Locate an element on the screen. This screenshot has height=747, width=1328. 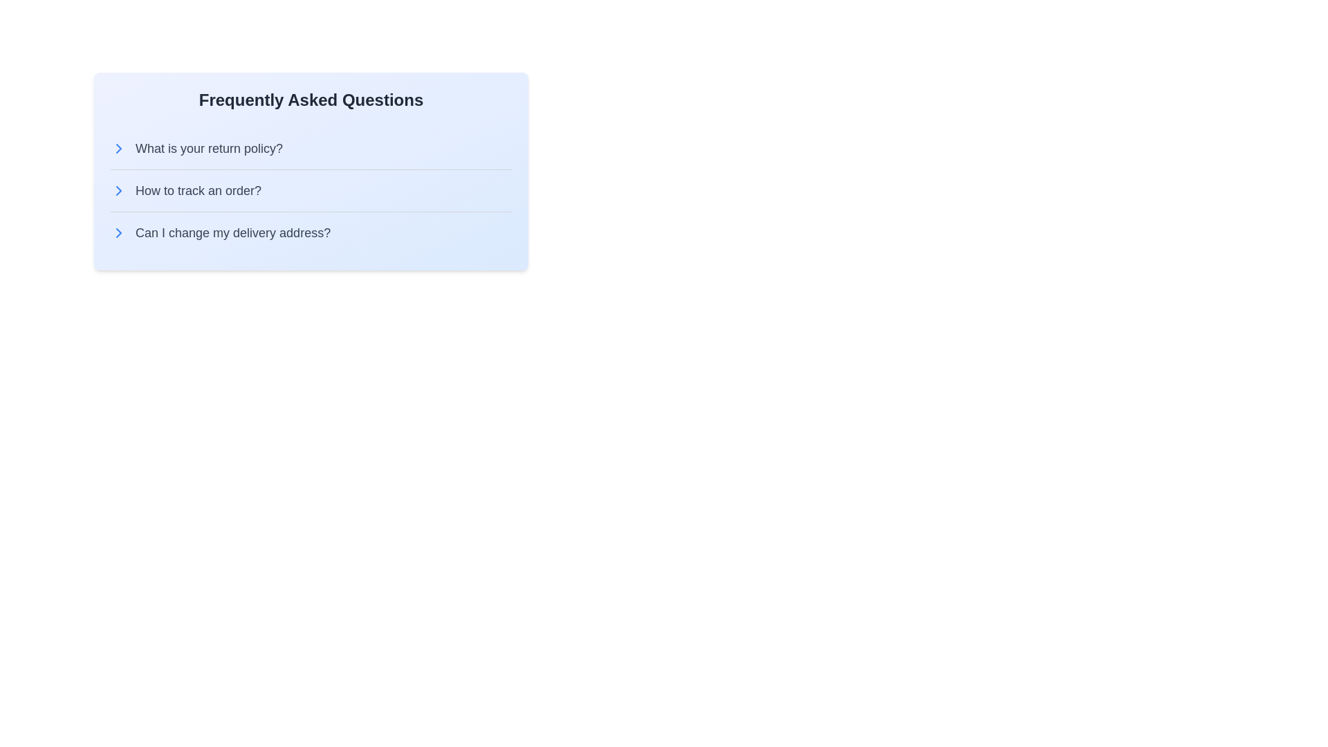
the clickable text or button that provides a link to more information about tracking orders is located at coordinates (311, 190).